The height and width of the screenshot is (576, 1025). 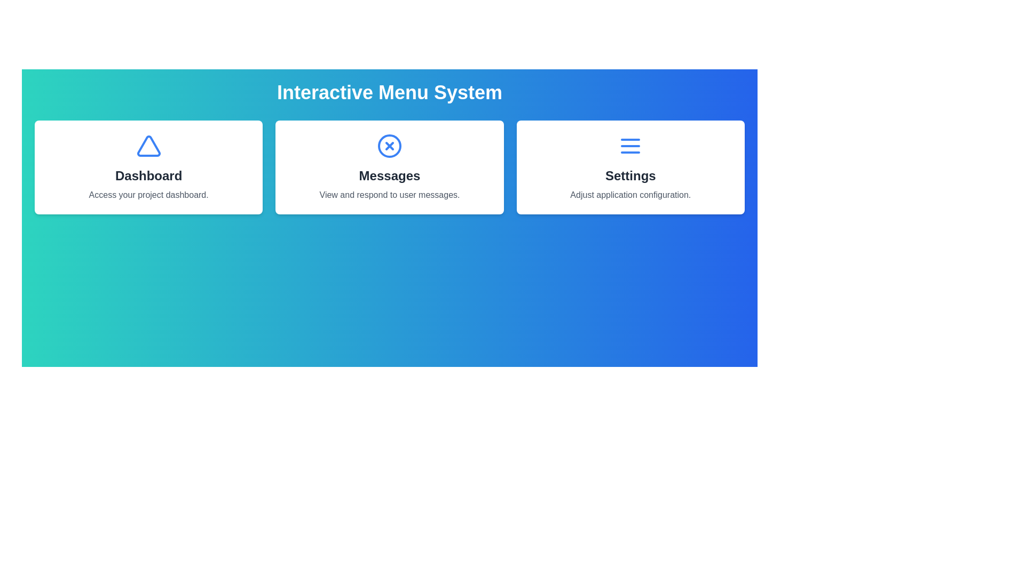 I want to click on the circular blue icon with an 'X' mark at the top-center of the white card titled 'Messages', so click(x=389, y=146).